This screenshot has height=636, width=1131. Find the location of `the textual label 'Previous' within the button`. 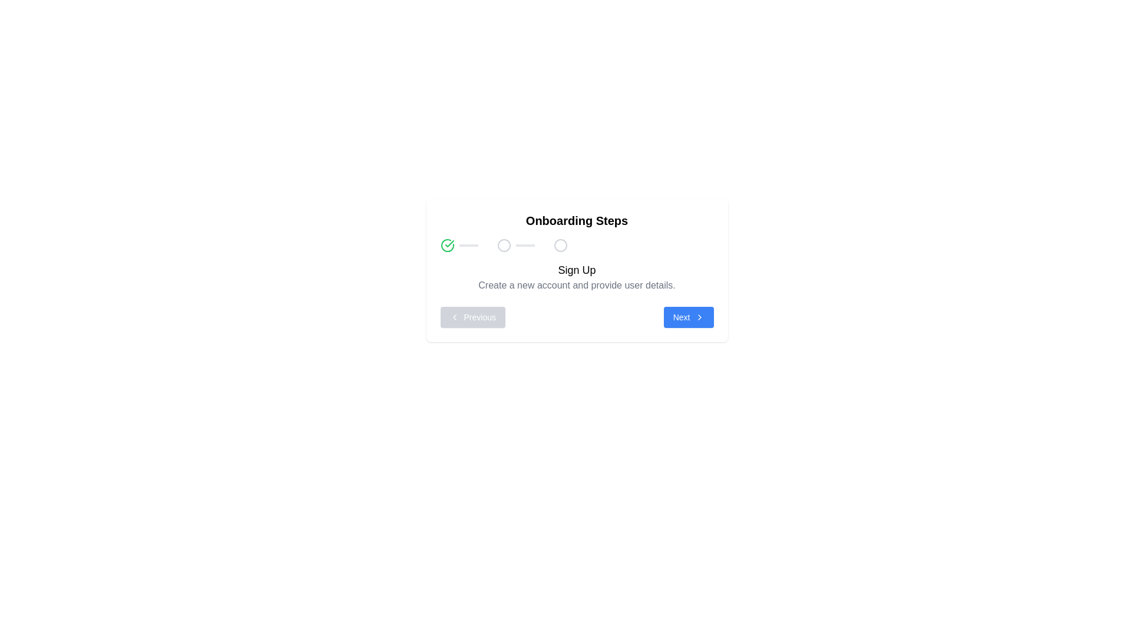

the textual label 'Previous' within the button is located at coordinates (479, 317).